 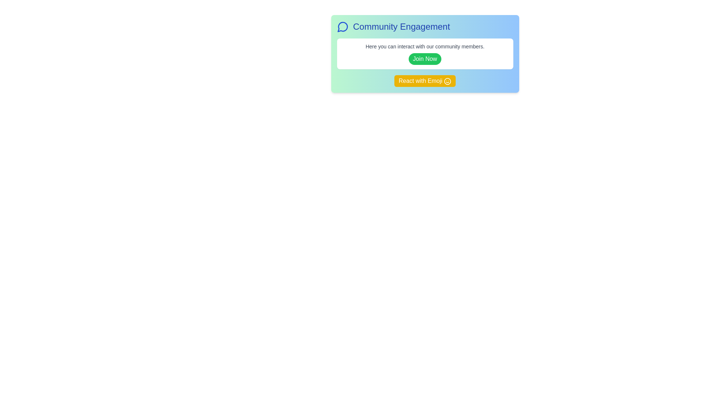 I want to click on the 'React with Emoji' button, which has a yellow background and white text, located centrally at the bottom of the 'Community Engagement' box, so click(x=425, y=81).